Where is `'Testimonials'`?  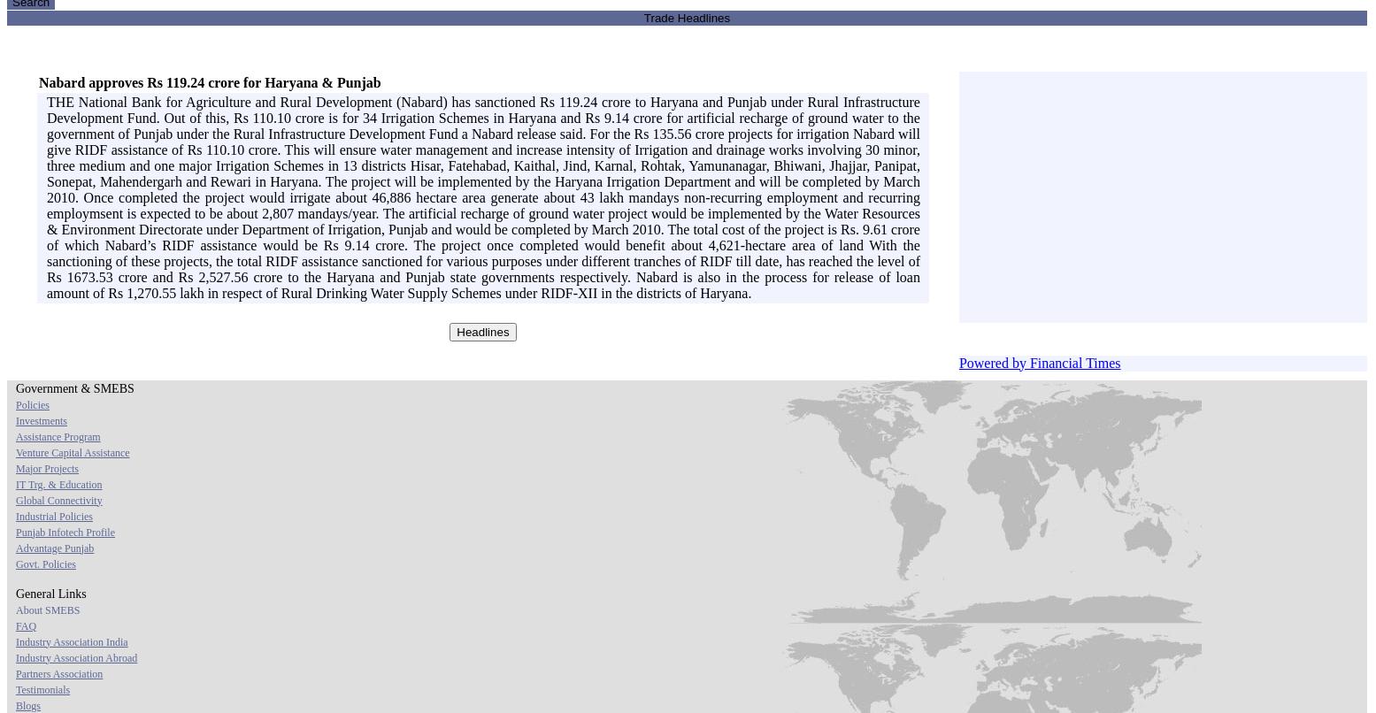
'Testimonials' is located at coordinates (16, 687).